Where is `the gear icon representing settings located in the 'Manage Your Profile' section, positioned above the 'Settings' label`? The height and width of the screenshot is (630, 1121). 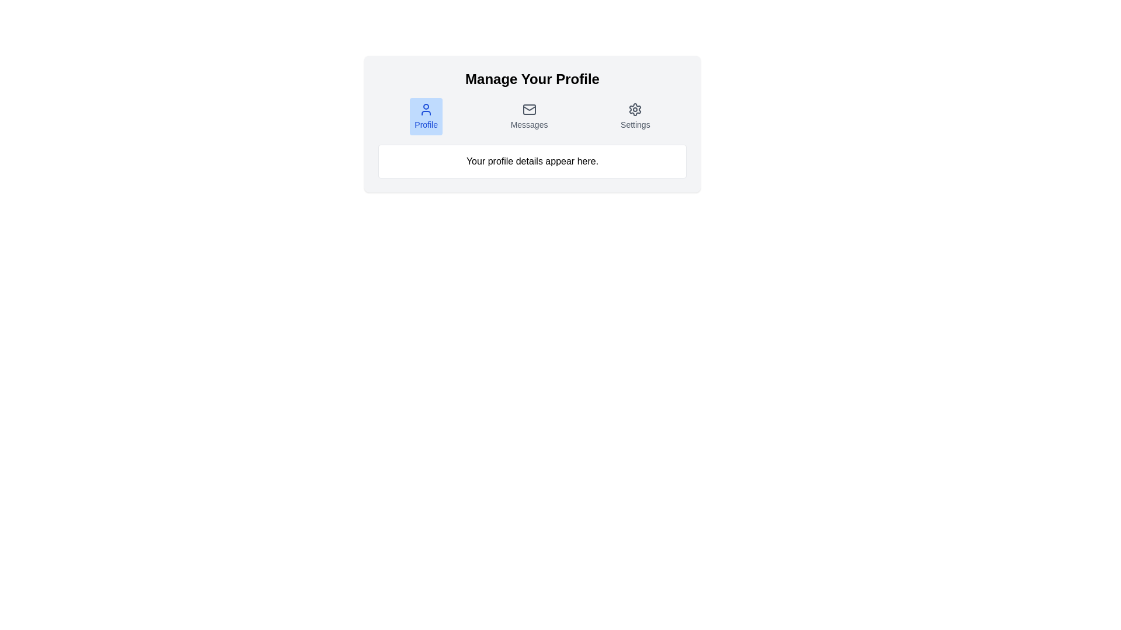 the gear icon representing settings located in the 'Manage Your Profile' section, positioned above the 'Settings' label is located at coordinates (635, 110).